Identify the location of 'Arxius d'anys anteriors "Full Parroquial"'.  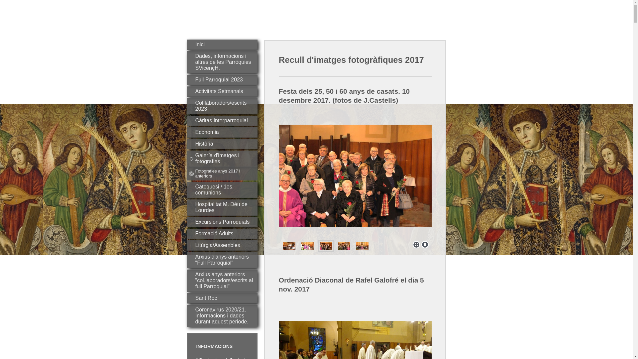
(222, 260).